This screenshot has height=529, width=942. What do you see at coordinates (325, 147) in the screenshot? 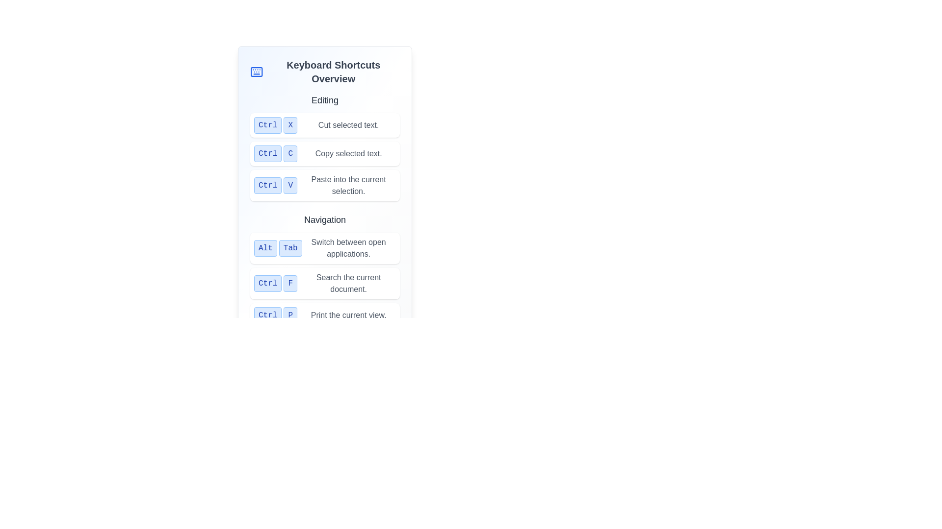
I see `the informational text section that describes the 'Copy' functionality and its keyboard shortcut, located under the 'Editing' section of the 'Keyboard Shortcuts Overview', positioned between 'Cut' and 'Paste'` at bounding box center [325, 147].